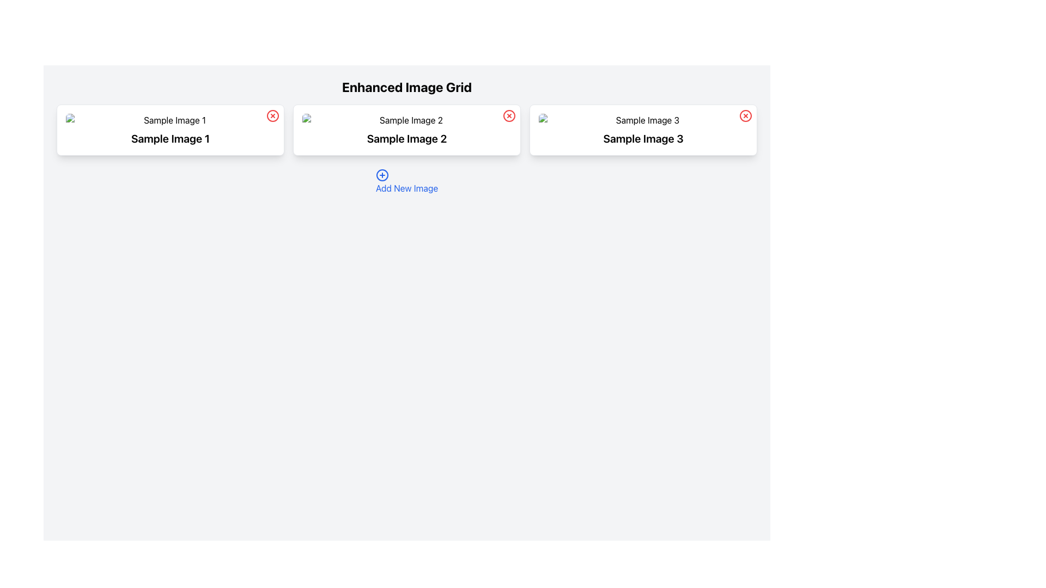  What do you see at coordinates (406, 138) in the screenshot?
I see `the text label reading 'Sample Image 2', which is centrally aligned below the corresponding image thumbnail in the grid layout` at bounding box center [406, 138].